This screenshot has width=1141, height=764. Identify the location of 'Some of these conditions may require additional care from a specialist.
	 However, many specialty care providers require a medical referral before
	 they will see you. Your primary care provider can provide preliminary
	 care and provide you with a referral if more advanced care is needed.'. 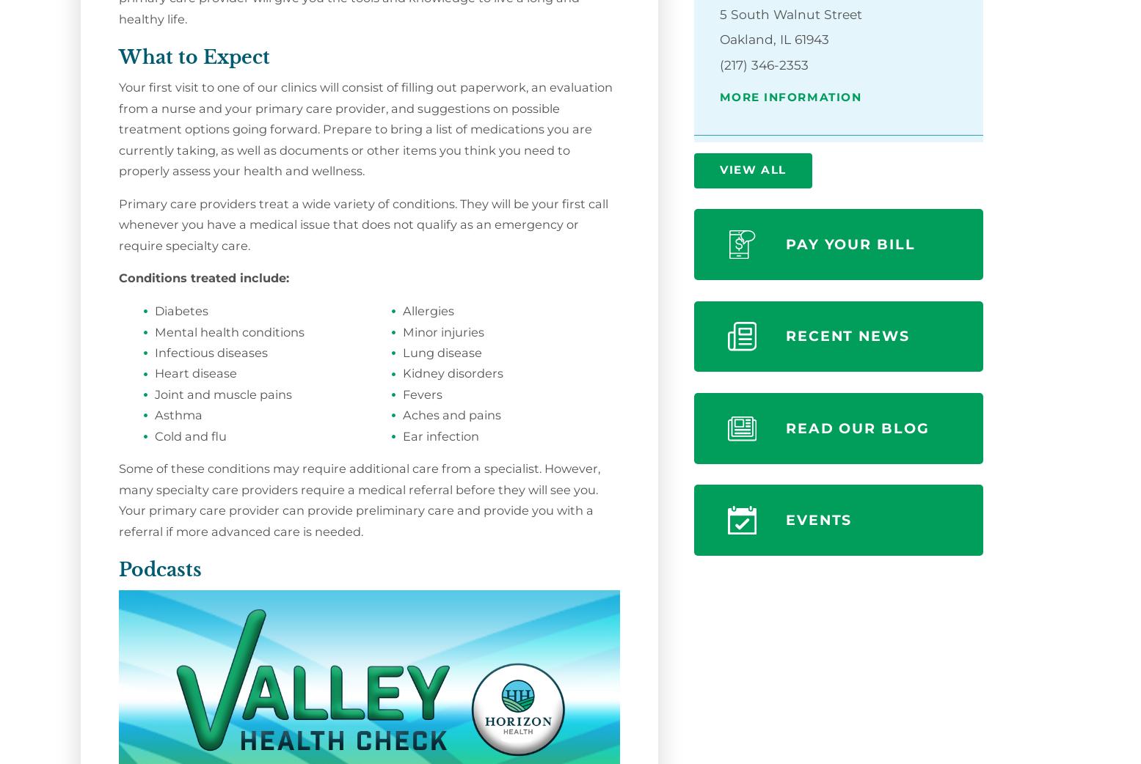
(359, 499).